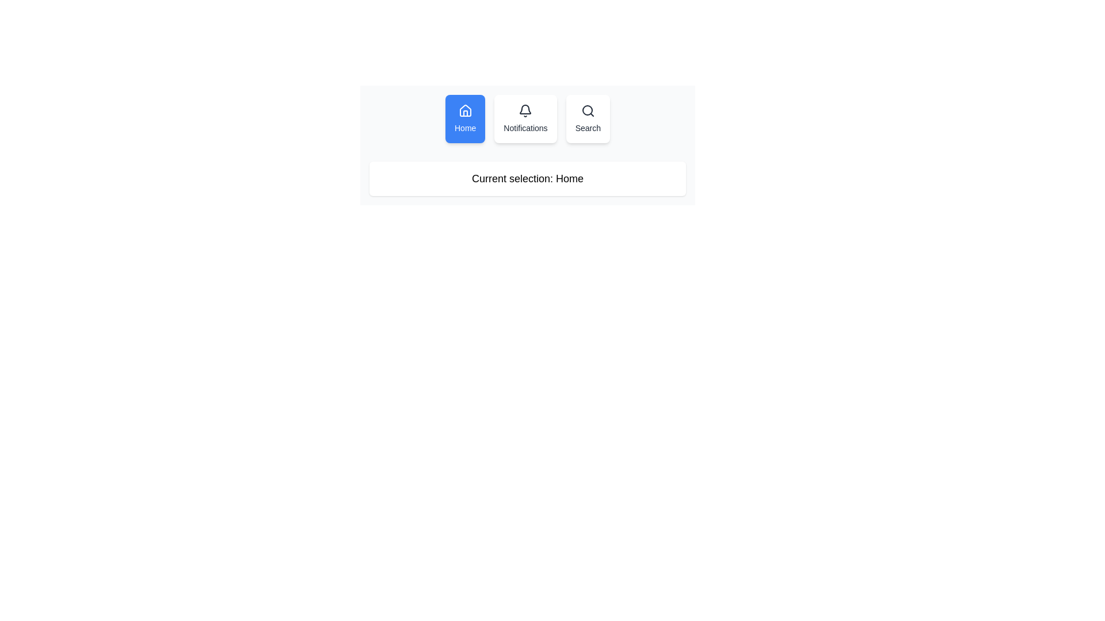 This screenshot has width=1105, height=621. I want to click on the Text label that displays 'Home', which is positioned below a house icon and centered horizontally under it, so click(465, 128).